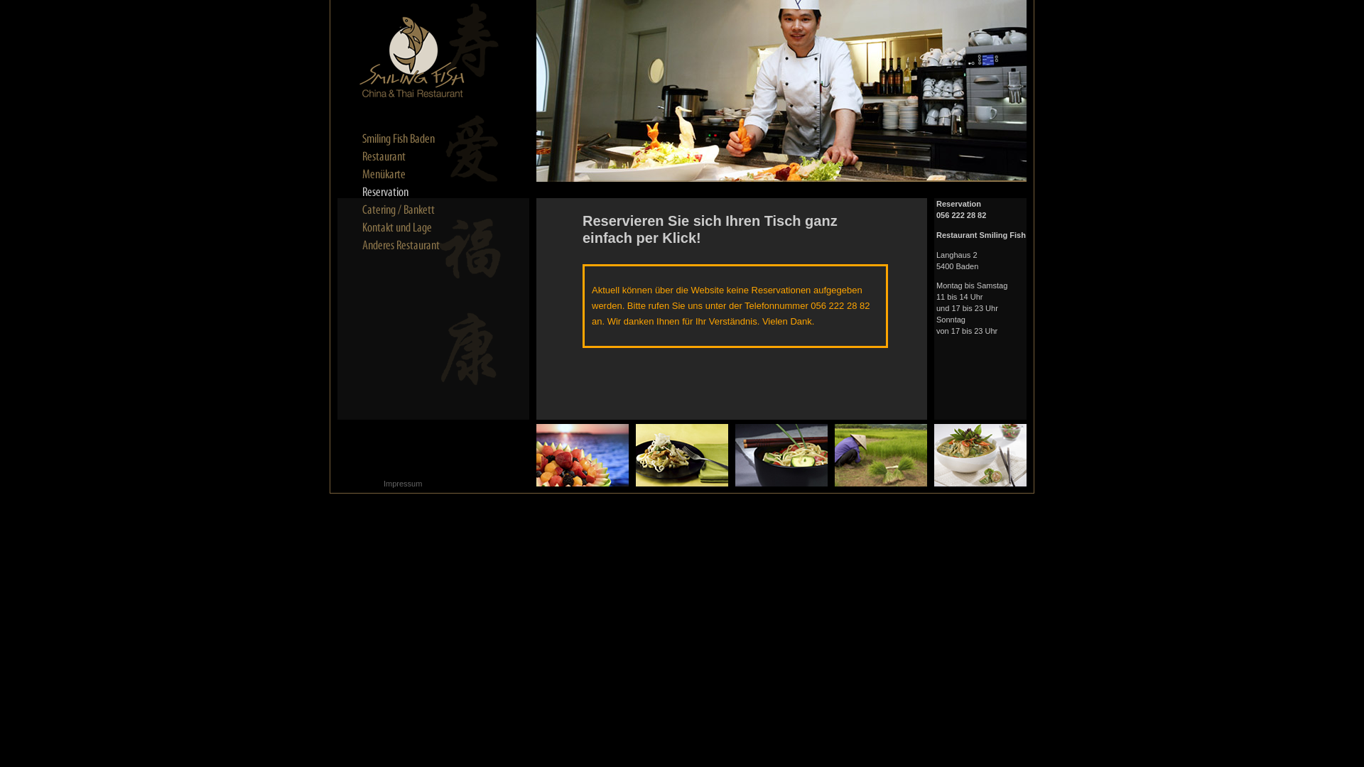 Image resolution: width=1364 pixels, height=767 pixels. What do you see at coordinates (362, 192) in the screenshot?
I see `'Reservation'` at bounding box center [362, 192].